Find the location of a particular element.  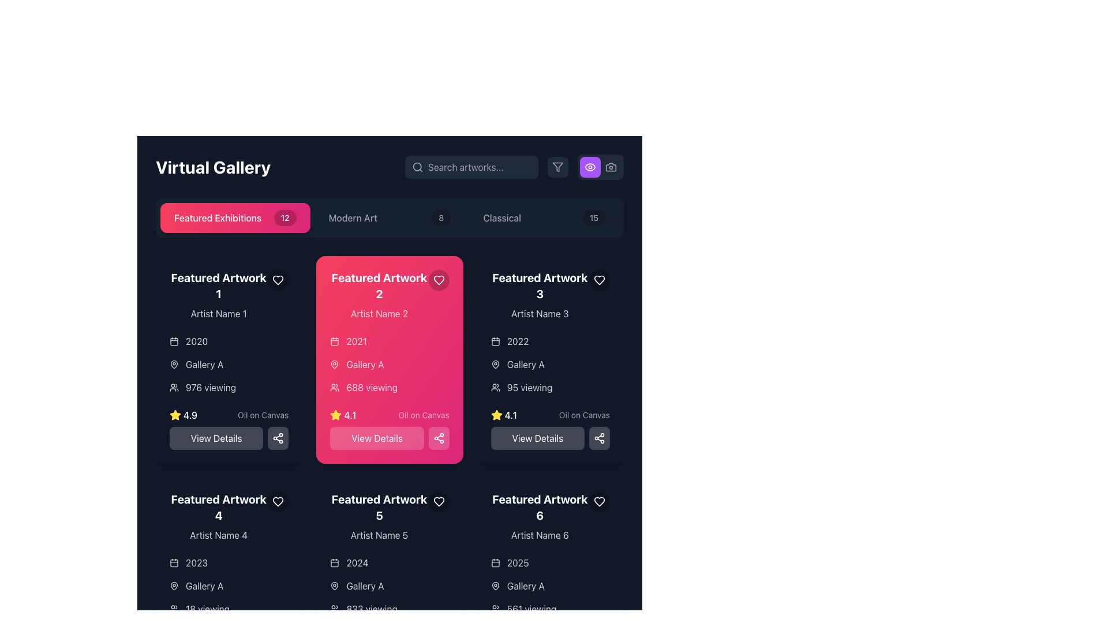

the Text label displaying '4.9', which is located next to a yellow star icon in the 'Featured Artwork 1' card is located at coordinates (190, 415).